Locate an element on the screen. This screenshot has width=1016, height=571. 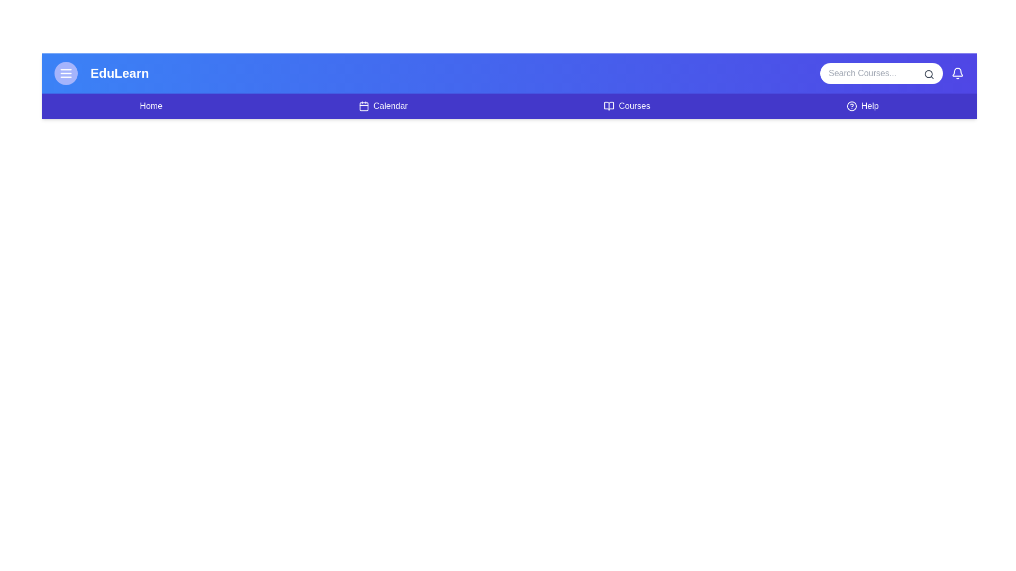
the navigation link for Courses to navigate to the corresponding section is located at coordinates (627, 106).